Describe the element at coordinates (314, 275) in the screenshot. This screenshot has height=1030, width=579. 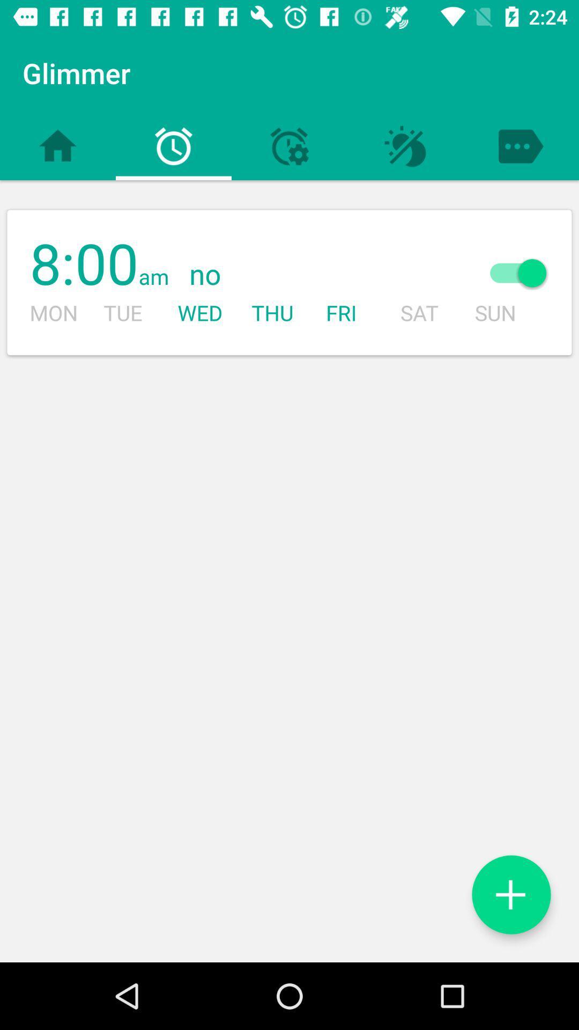
I see `the item next to am` at that location.